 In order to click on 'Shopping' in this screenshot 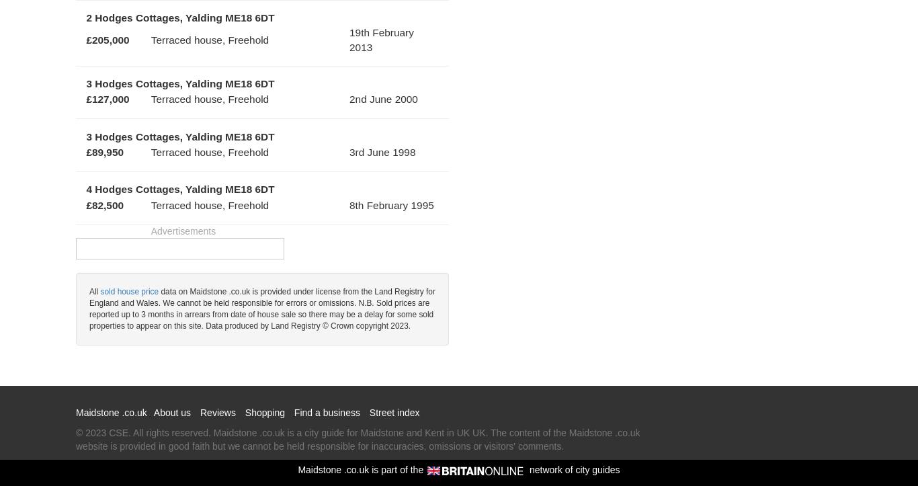, I will do `click(263, 412)`.